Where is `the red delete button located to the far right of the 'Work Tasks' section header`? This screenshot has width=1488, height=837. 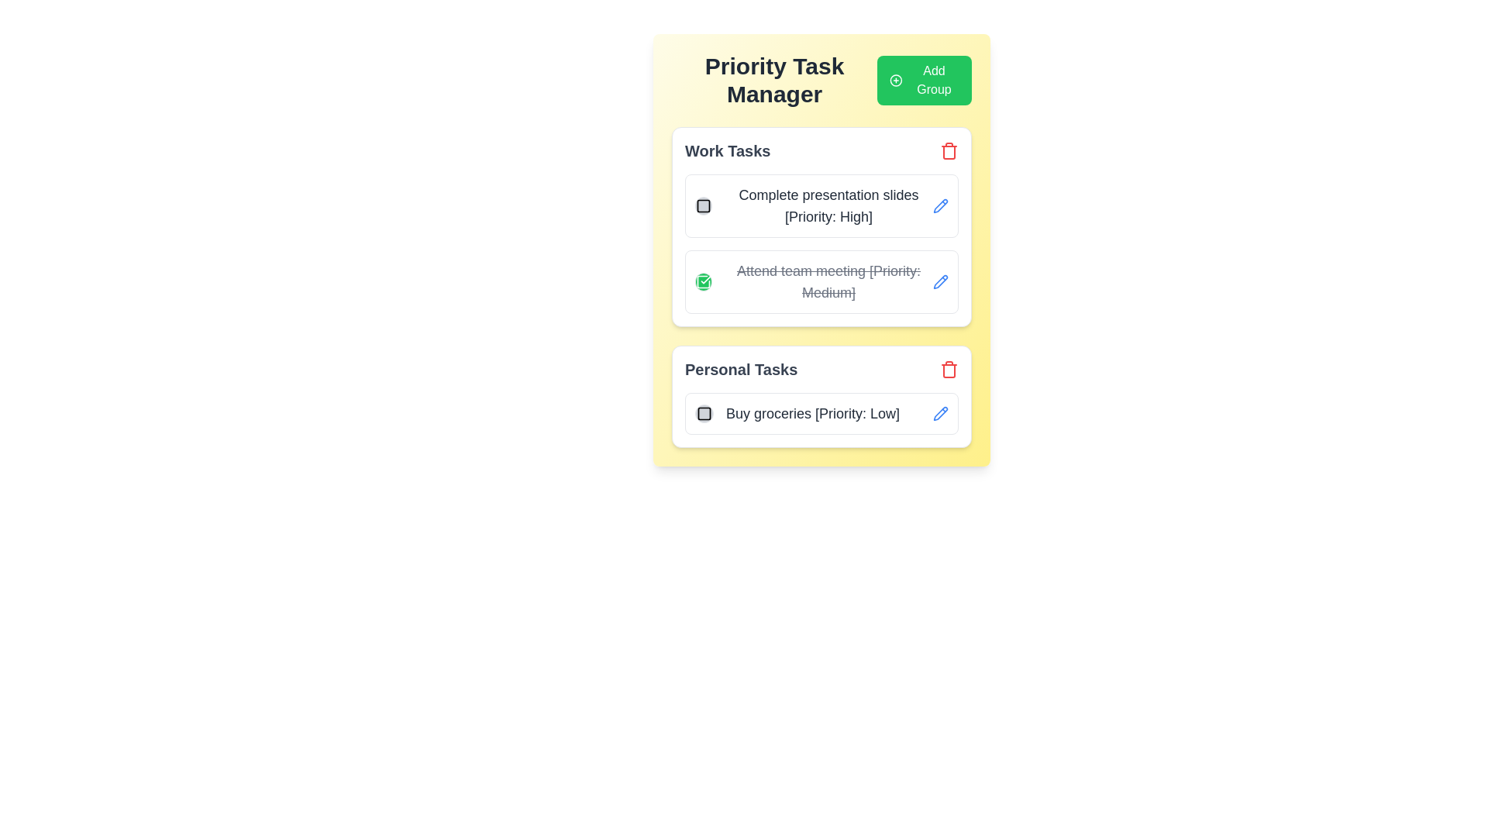 the red delete button located to the far right of the 'Work Tasks' section header is located at coordinates (948, 151).